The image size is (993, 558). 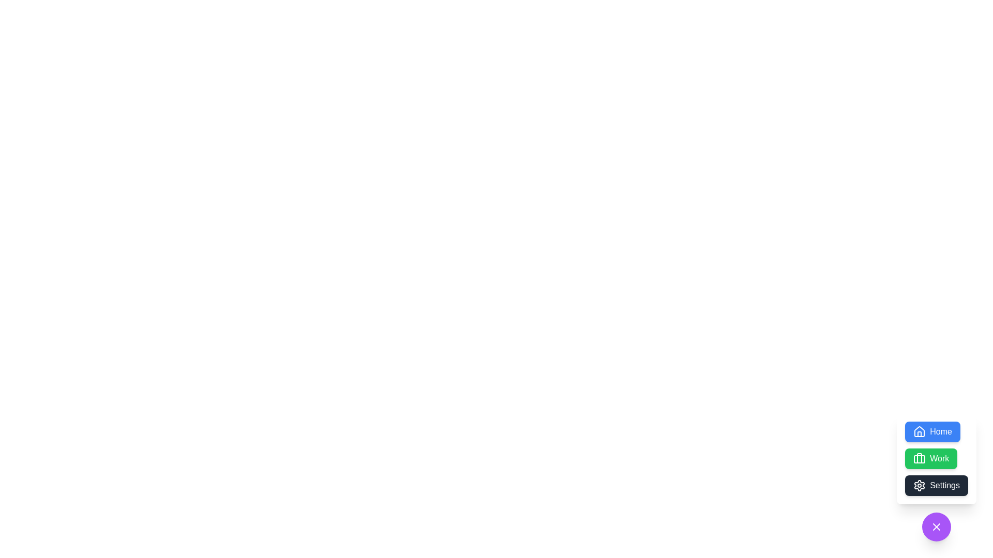 I want to click on the left vertical line part of the briefcase handle within the 'Work' button, which visually indicates a professional context, so click(x=920, y=458).